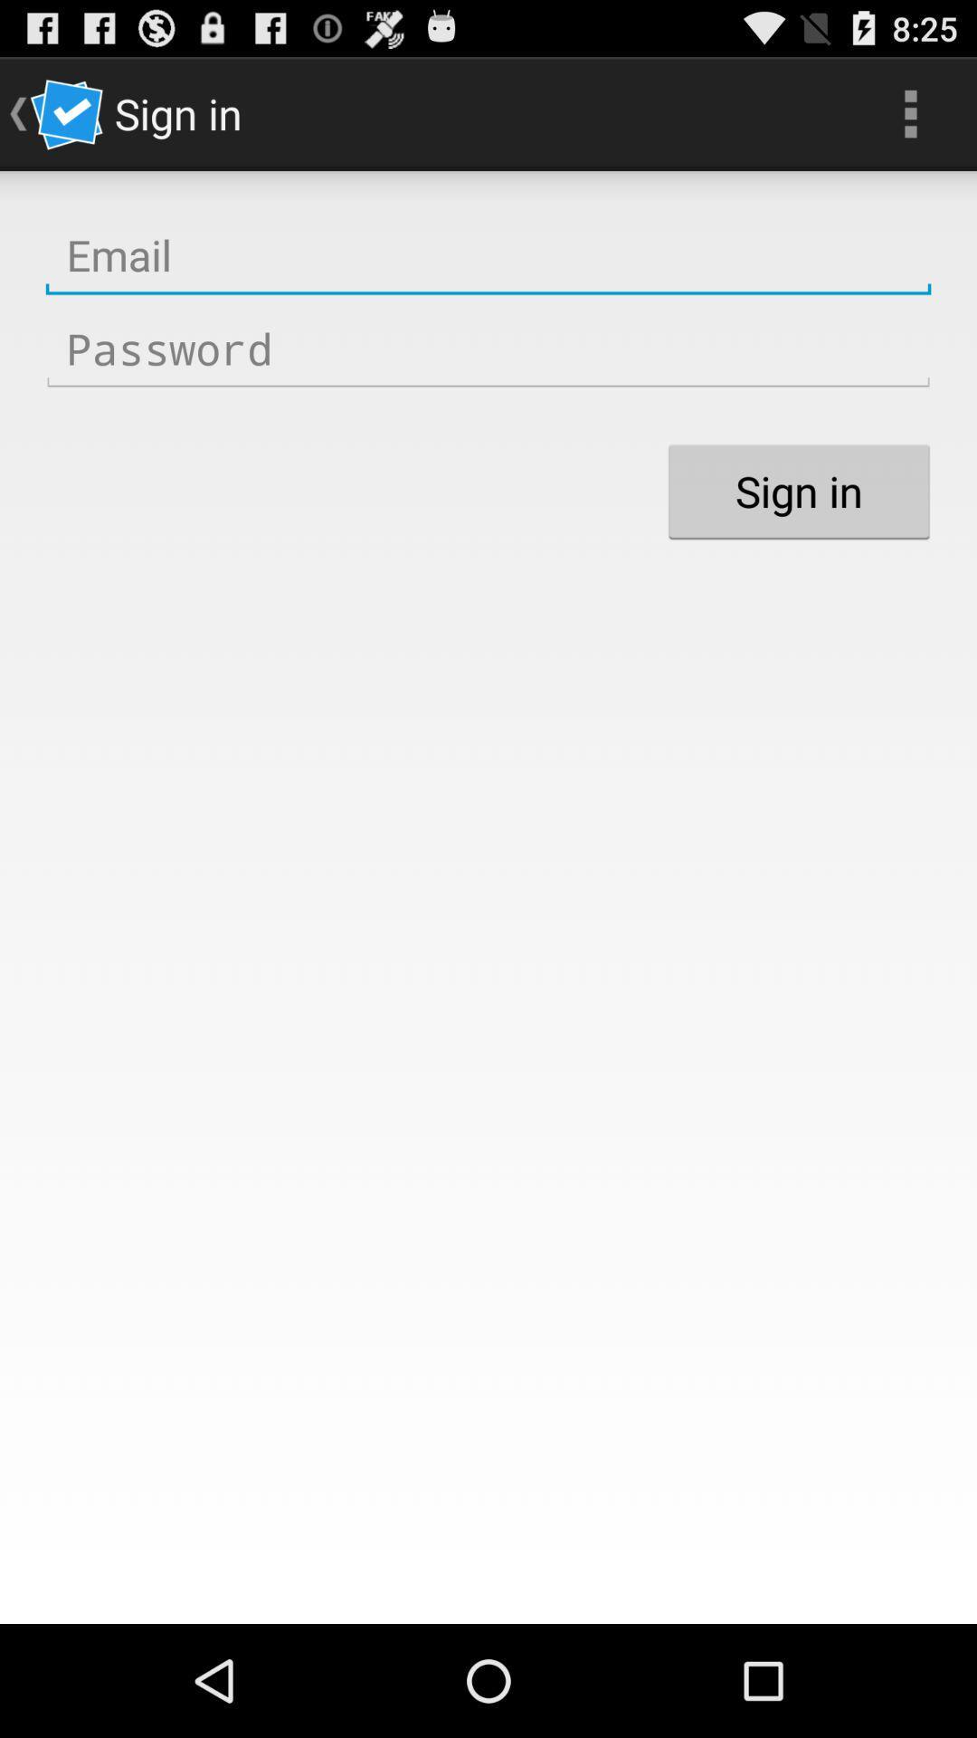 The width and height of the screenshot is (977, 1738). Describe the element at coordinates (910, 112) in the screenshot. I see `app to the right of the sign in icon` at that location.